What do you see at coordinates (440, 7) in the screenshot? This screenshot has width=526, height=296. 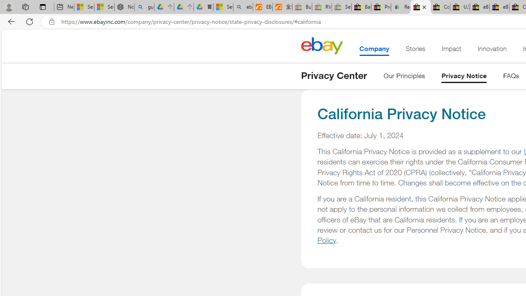 I see `'Consumer Health Data Privacy Policy - eBay Inc.'` at bounding box center [440, 7].